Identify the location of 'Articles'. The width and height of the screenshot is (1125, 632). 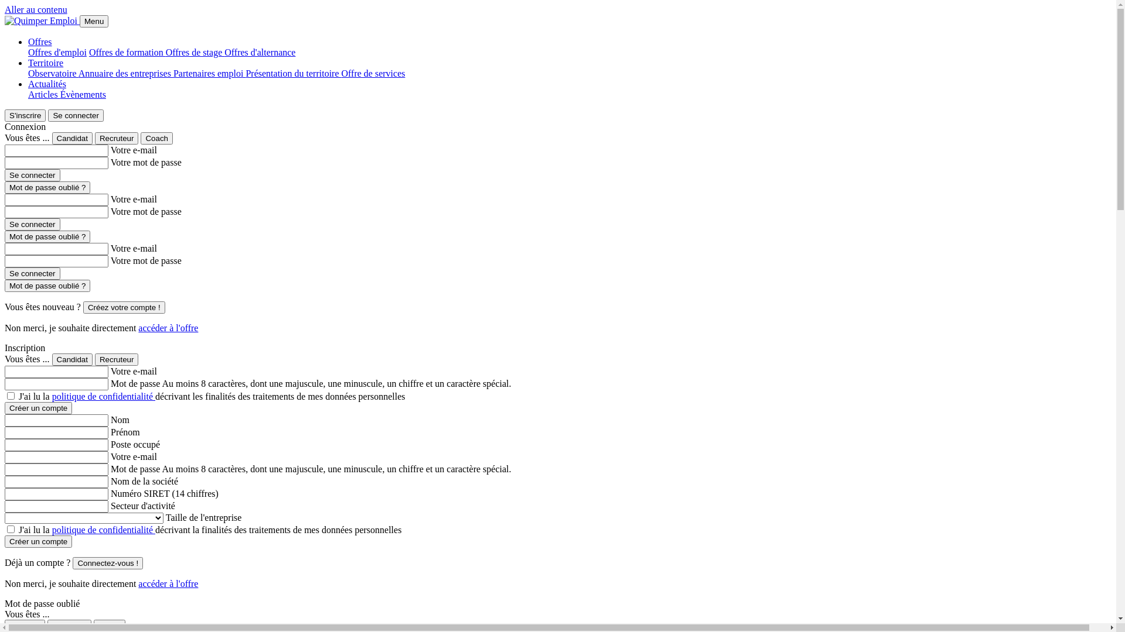
(28, 94).